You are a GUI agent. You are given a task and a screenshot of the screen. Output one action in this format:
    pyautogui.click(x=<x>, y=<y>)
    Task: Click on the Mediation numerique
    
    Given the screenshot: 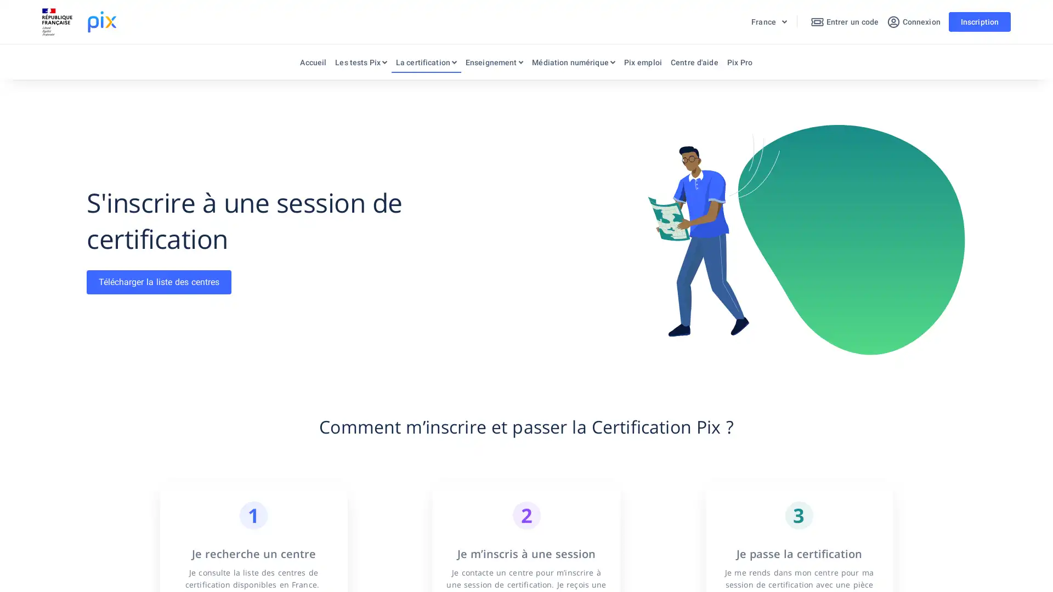 What is the action you would take?
    pyautogui.click(x=573, y=65)
    